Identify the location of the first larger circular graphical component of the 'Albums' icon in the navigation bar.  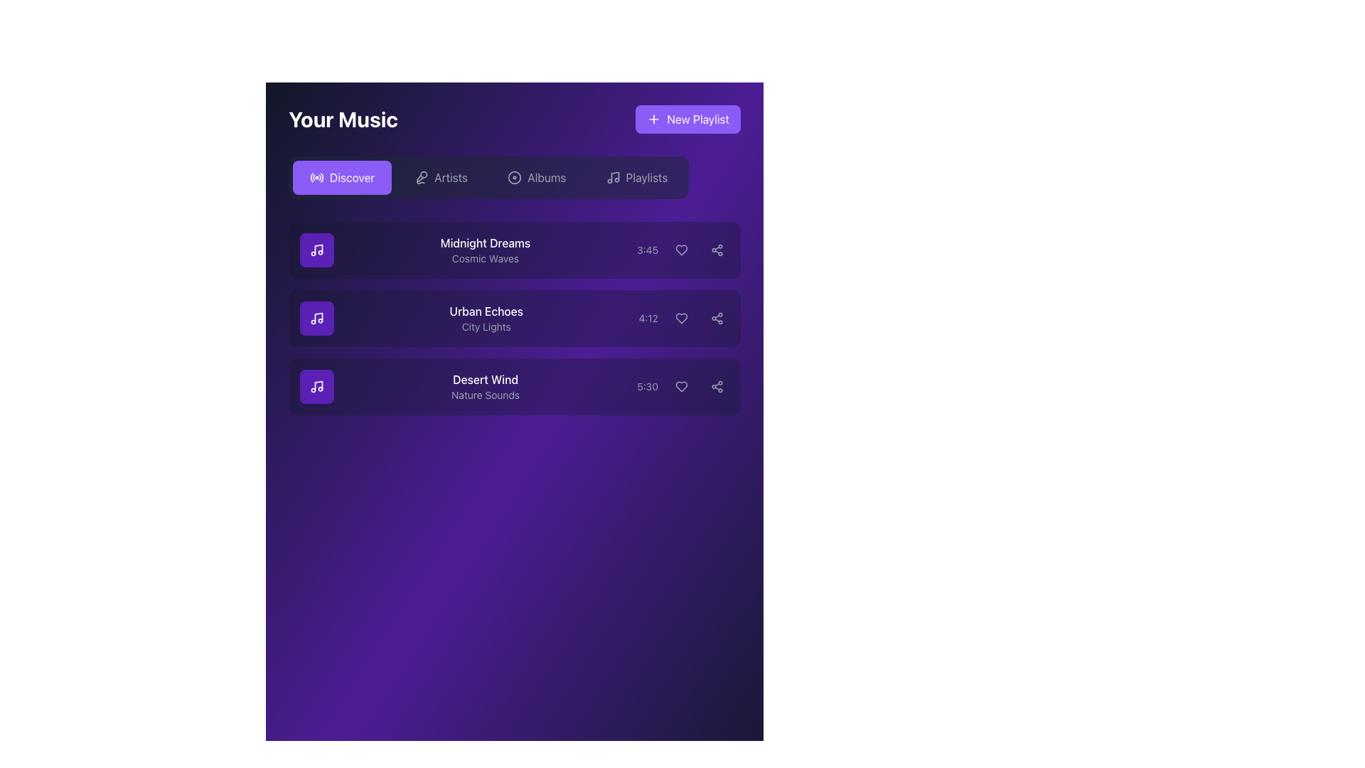
(514, 177).